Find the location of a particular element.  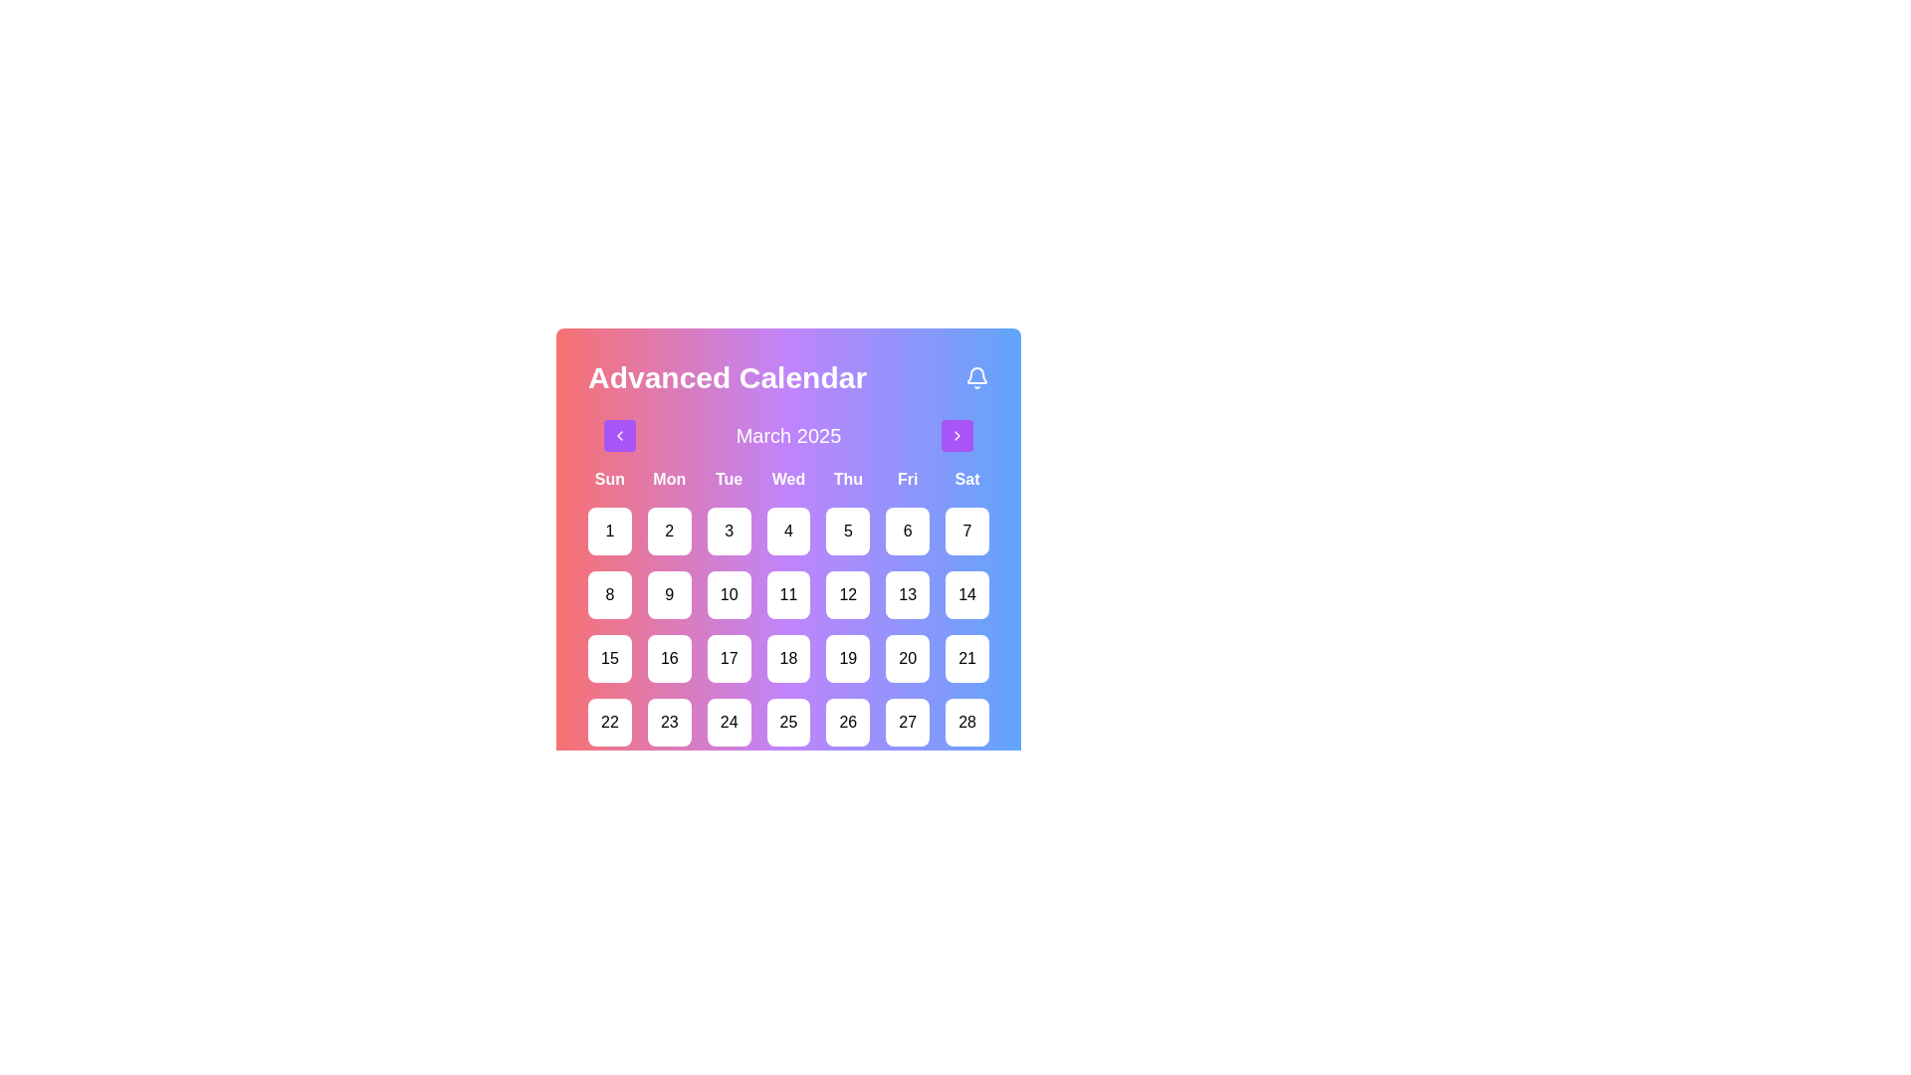

the navigation icon located on the top right side of the calendar widget, adjacent to the month name is located at coordinates (956, 435).